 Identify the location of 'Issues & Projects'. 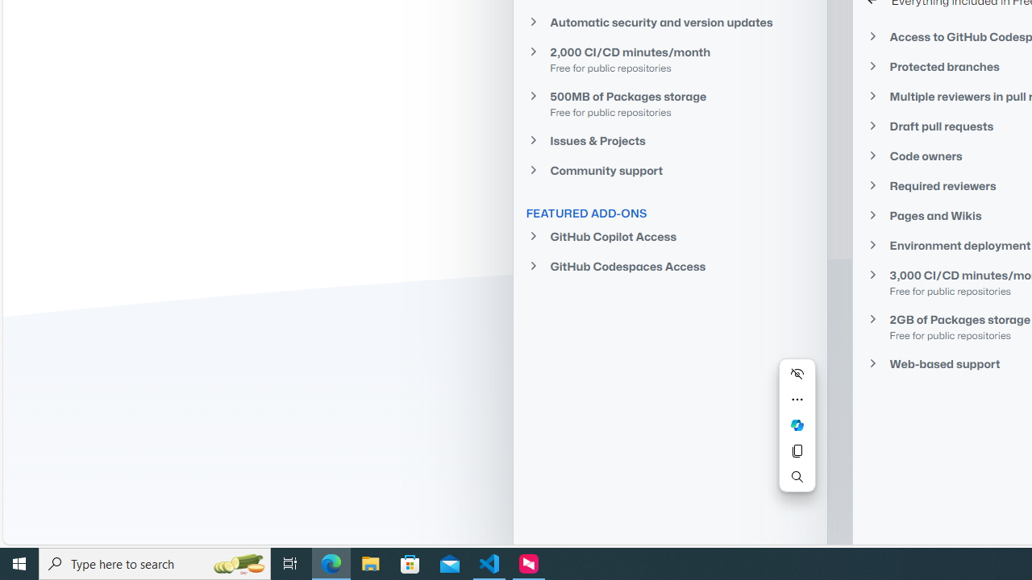
(669, 139).